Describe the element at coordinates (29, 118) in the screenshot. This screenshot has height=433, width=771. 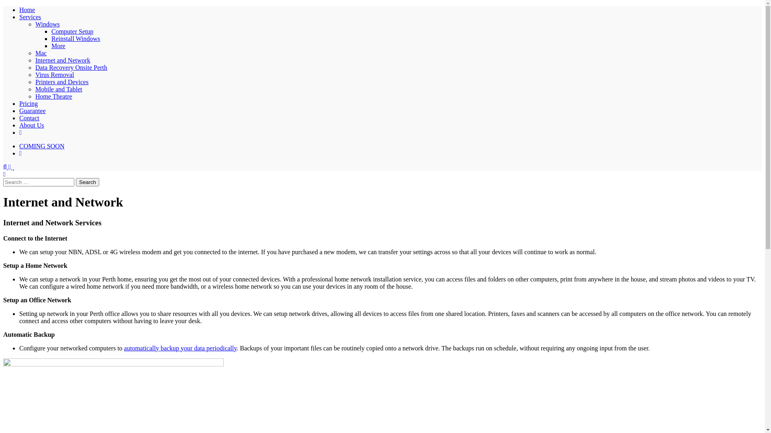
I see `'Contact'` at that location.